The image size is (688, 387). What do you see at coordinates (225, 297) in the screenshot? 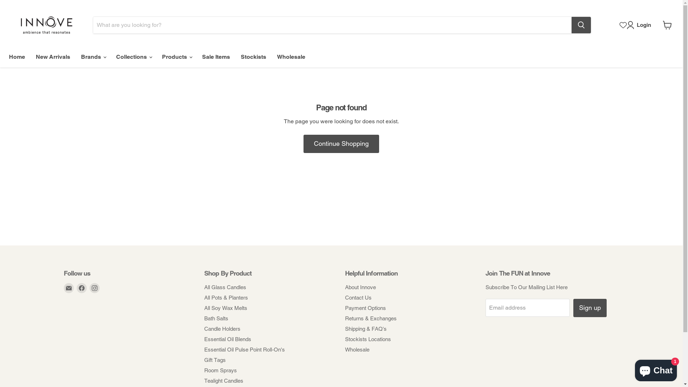
I see `'All Pots & Planters'` at bounding box center [225, 297].